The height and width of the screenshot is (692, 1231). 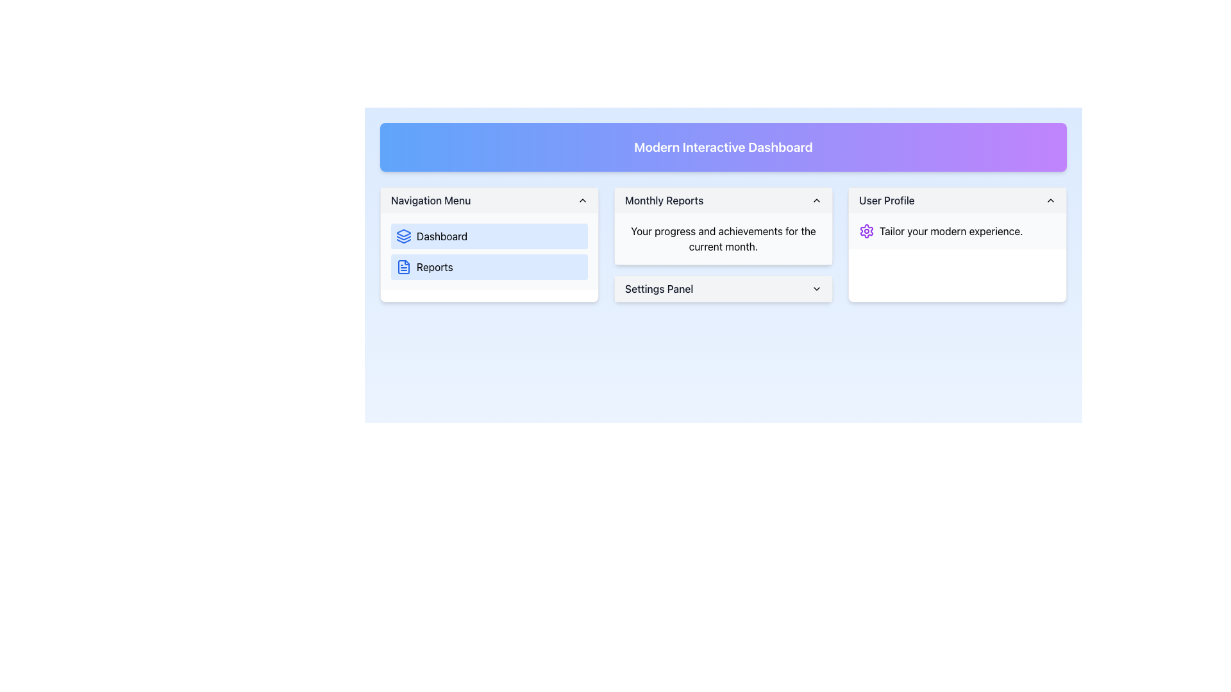 What do you see at coordinates (723, 147) in the screenshot?
I see `the header text display element located at the top-center of the main dashboard page` at bounding box center [723, 147].